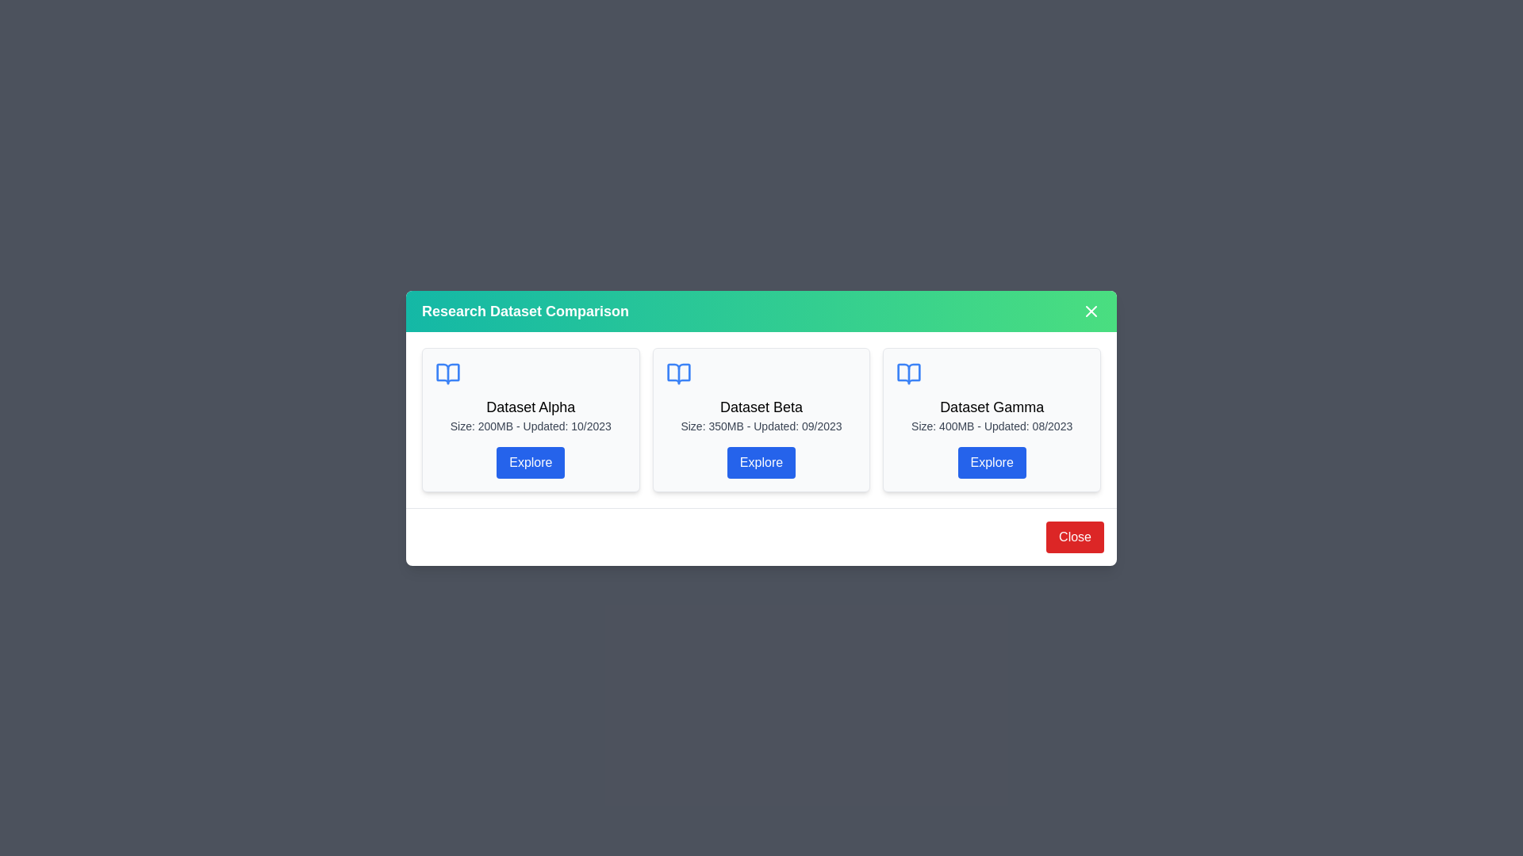 This screenshot has width=1523, height=856. What do you see at coordinates (531, 462) in the screenshot?
I see `the 'Explore' button for Dataset Alpha` at bounding box center [531, 462].